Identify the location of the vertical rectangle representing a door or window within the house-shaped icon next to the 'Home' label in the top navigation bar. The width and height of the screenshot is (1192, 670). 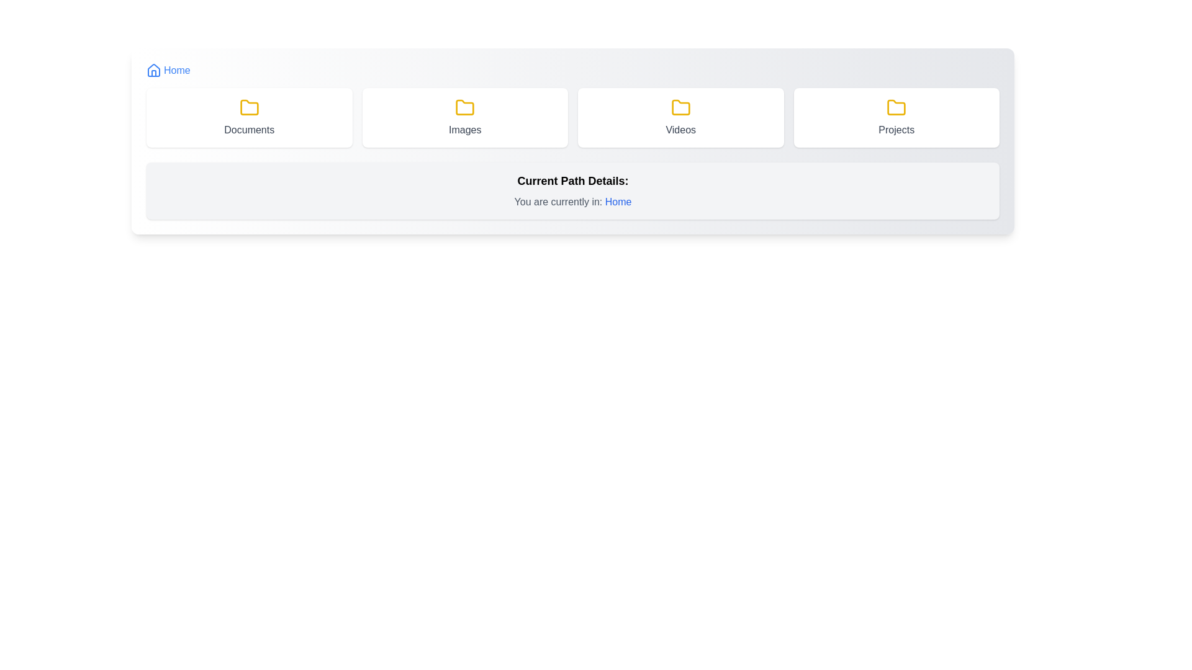
(153, 73).